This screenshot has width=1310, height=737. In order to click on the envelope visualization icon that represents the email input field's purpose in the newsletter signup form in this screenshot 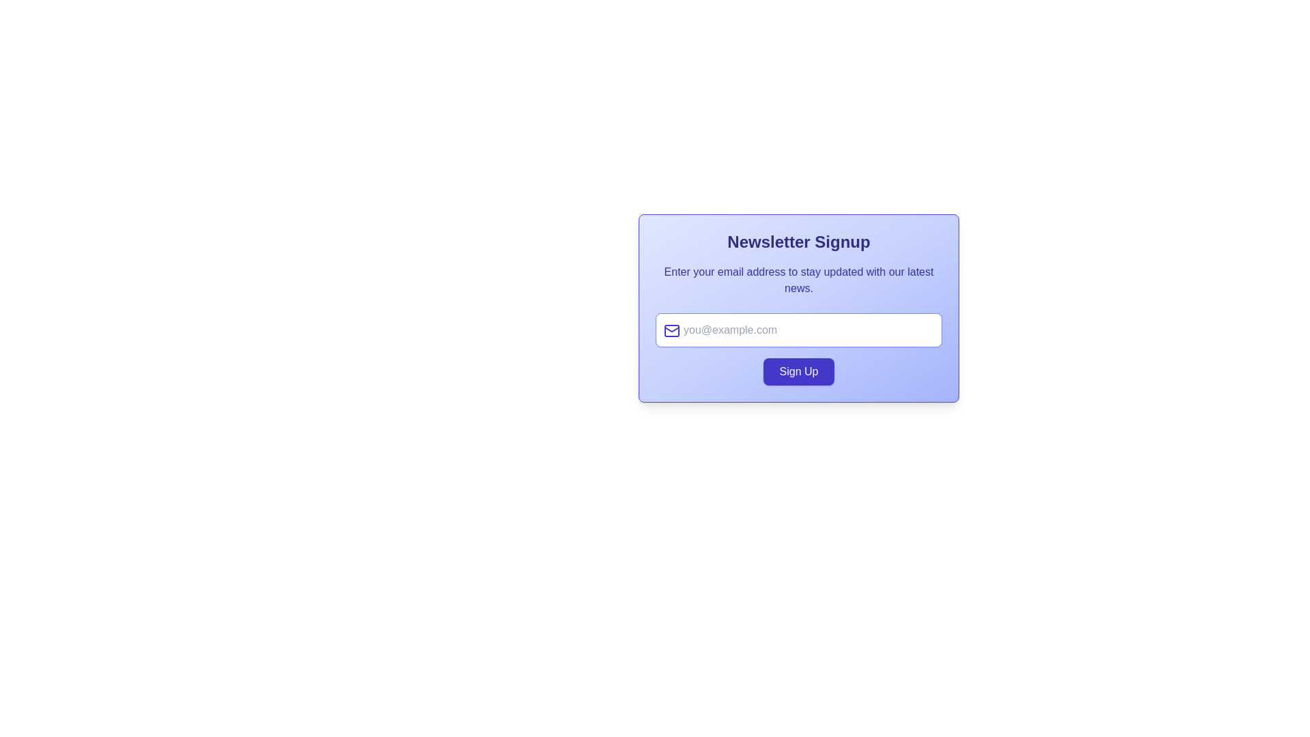, I will do `click(671, 331)`.